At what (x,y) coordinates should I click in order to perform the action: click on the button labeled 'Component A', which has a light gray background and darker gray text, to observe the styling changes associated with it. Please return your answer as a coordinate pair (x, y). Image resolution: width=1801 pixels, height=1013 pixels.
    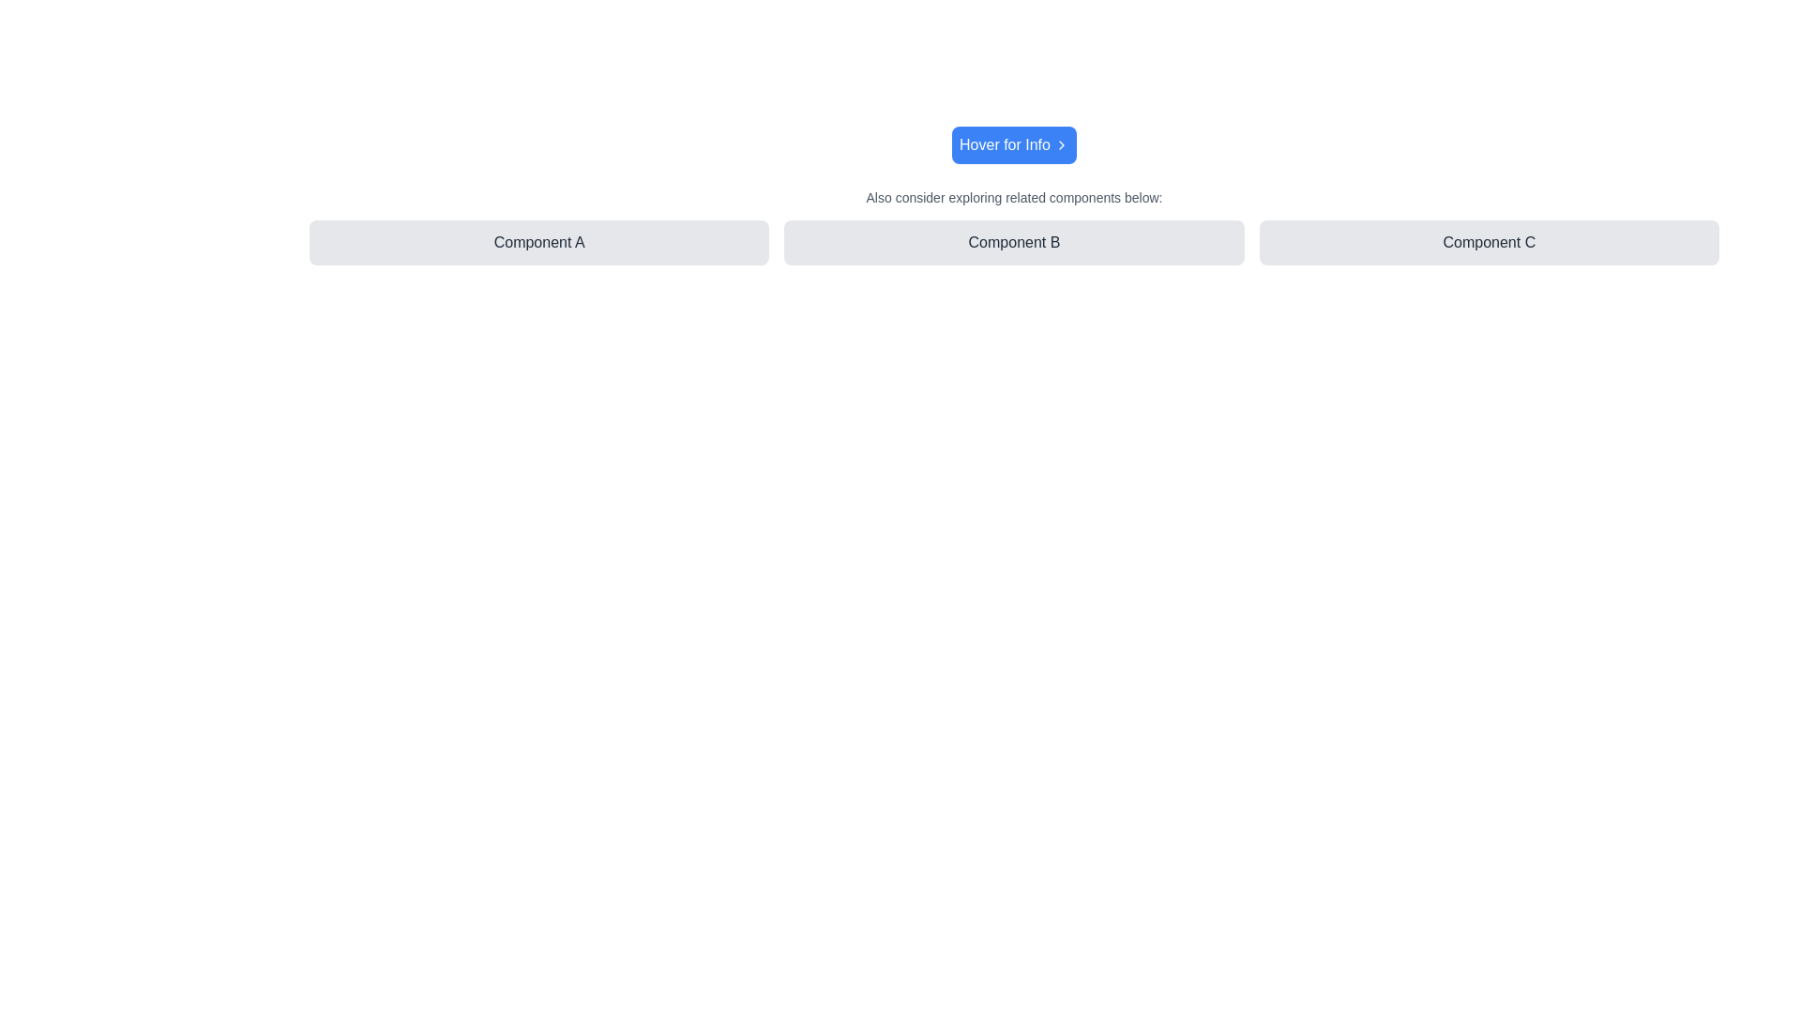
    Looking at the image, I should click on (538, 241).